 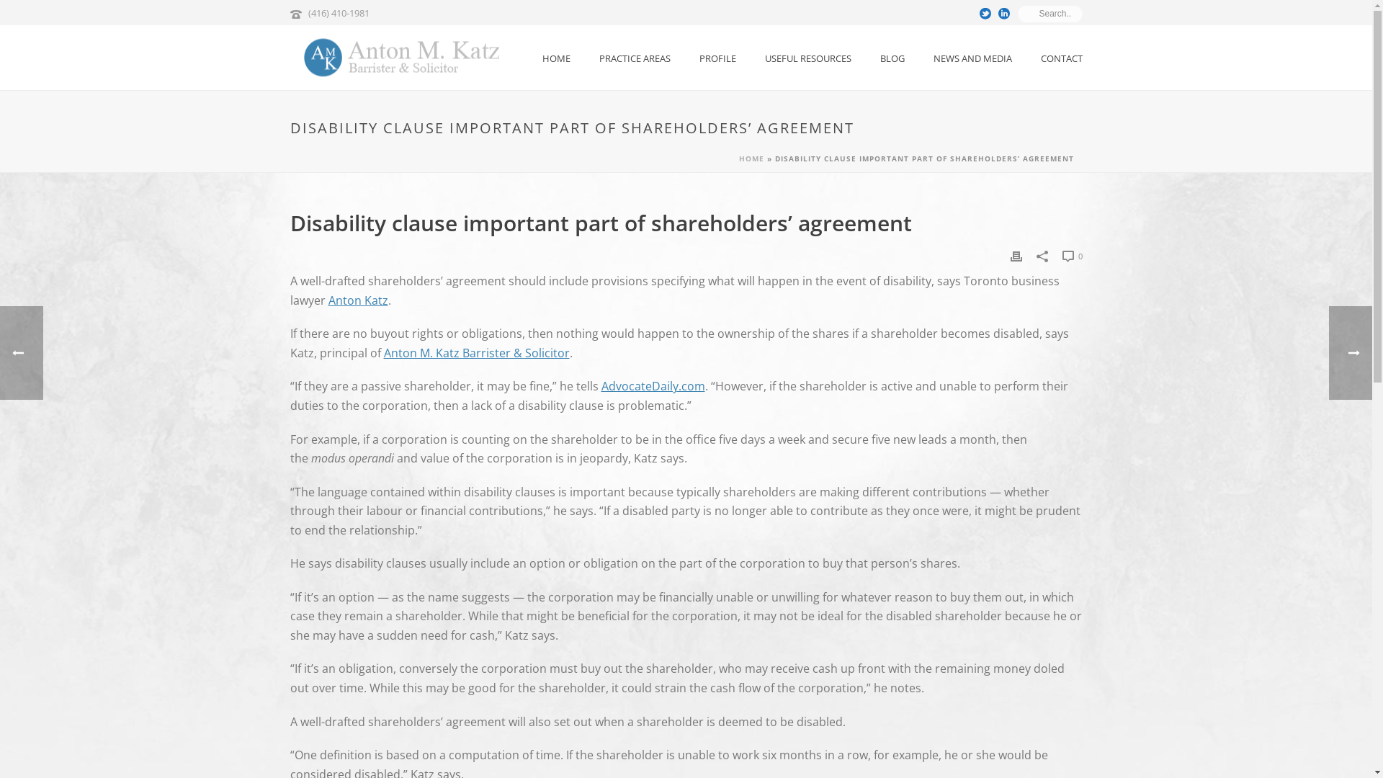 I want to click on '(416) 410-1981', so click(x=338, y=13).